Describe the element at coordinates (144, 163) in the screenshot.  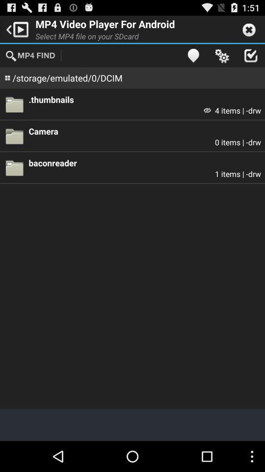
I see `the item below the 0 items | -drw` at that location.